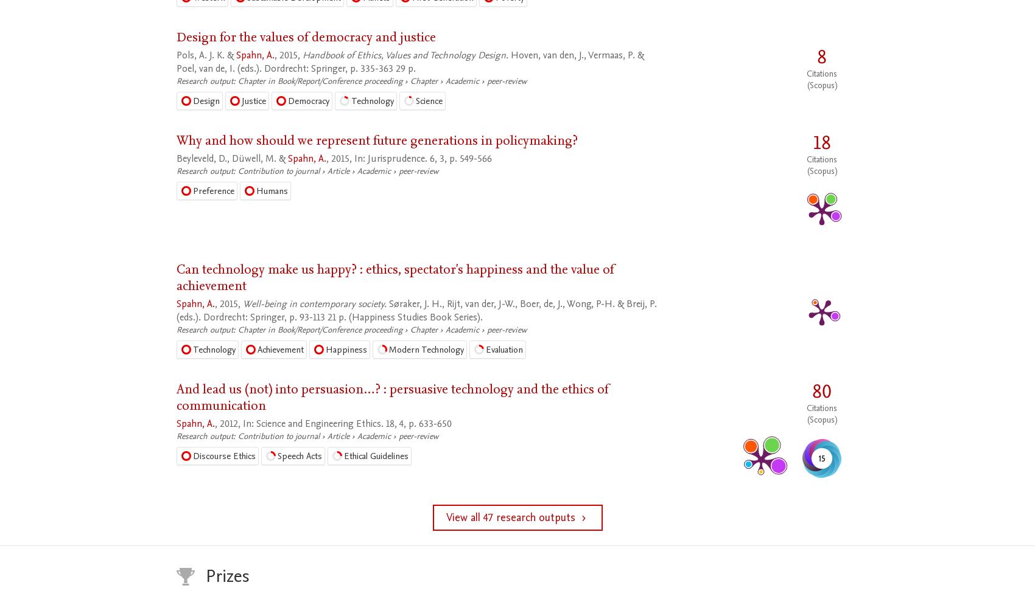 This screenshot has width=1035, height=591. What do you see at coordinates (416, 310) in the screenshot?
I see `'Søraker, J. H., Rijt, van der, J-W., Boer, de, J., Wong, P-H. & Breij, P. (eds.). Dordrecht:'` at bounding box center [416, 310].